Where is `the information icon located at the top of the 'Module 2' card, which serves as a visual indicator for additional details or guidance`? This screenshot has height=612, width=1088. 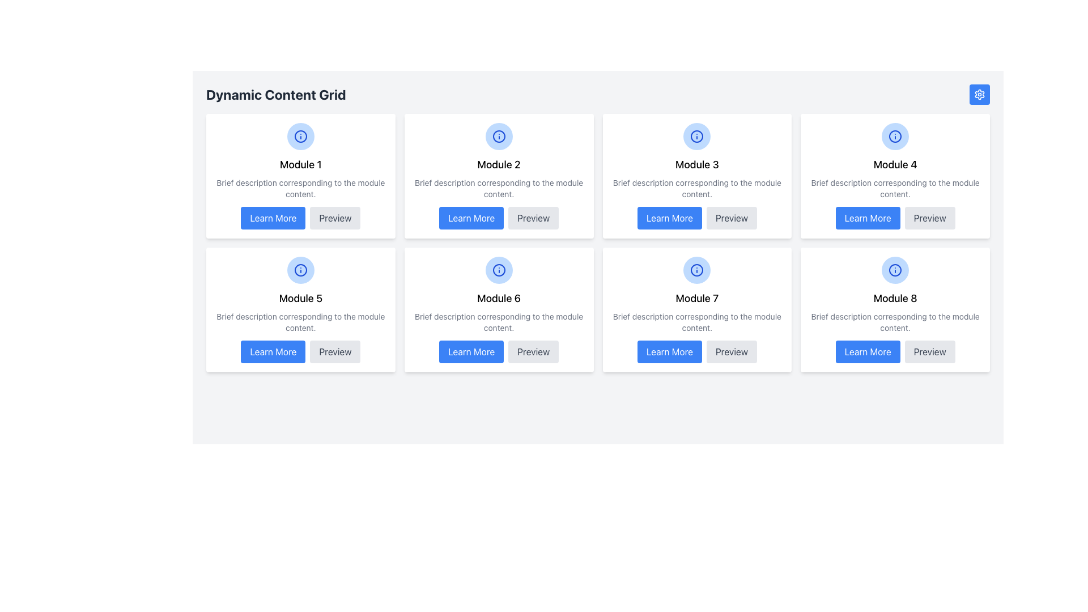 the information icon located at the top of the 'Module 2' card, which serves as a visual indicator for additional details or guidance is located at coordinates (499, 135).